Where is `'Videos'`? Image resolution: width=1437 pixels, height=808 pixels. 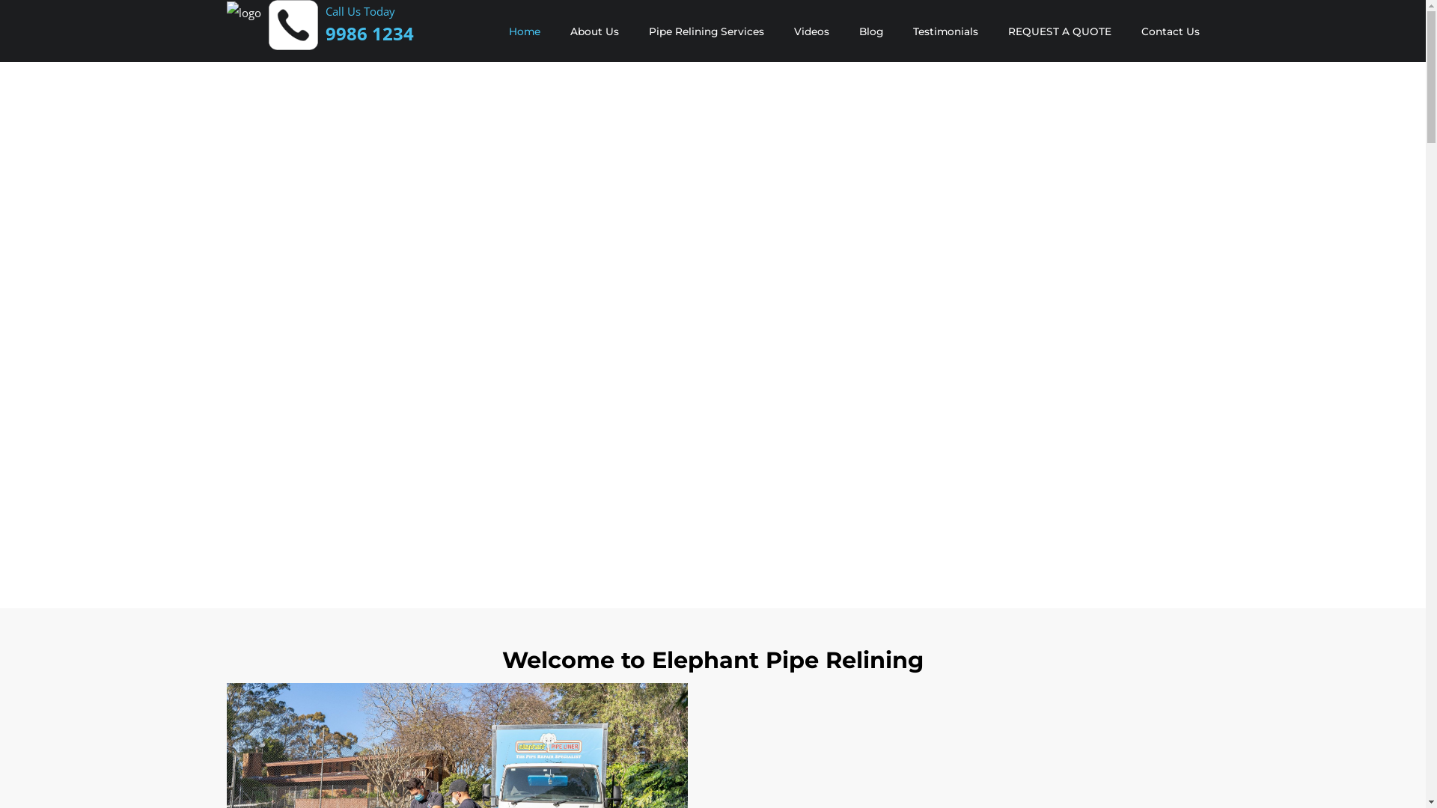
'Videos' is located at coordinates (810, 31).